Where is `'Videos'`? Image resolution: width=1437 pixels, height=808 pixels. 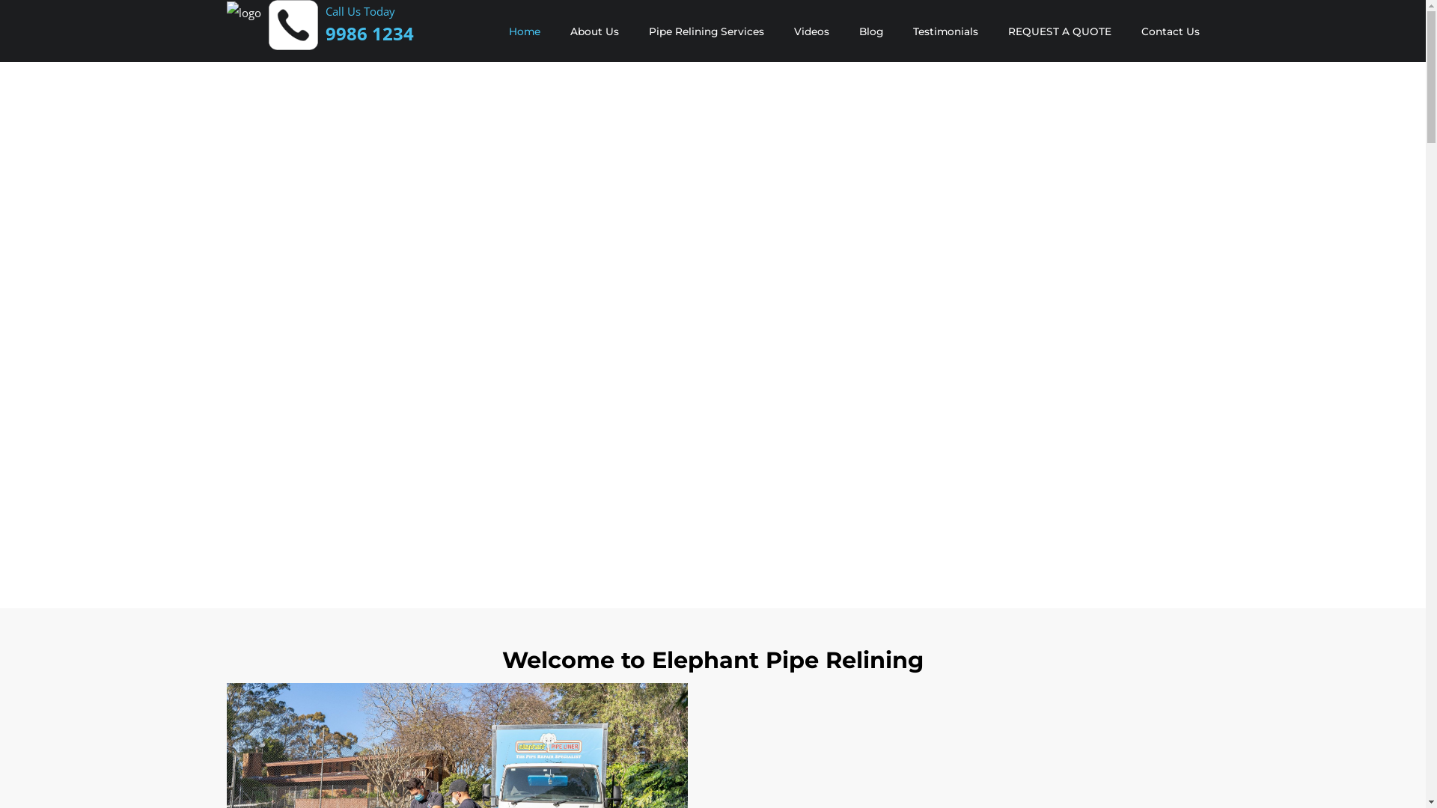
'Videos' is located at coordinates (810, 31).